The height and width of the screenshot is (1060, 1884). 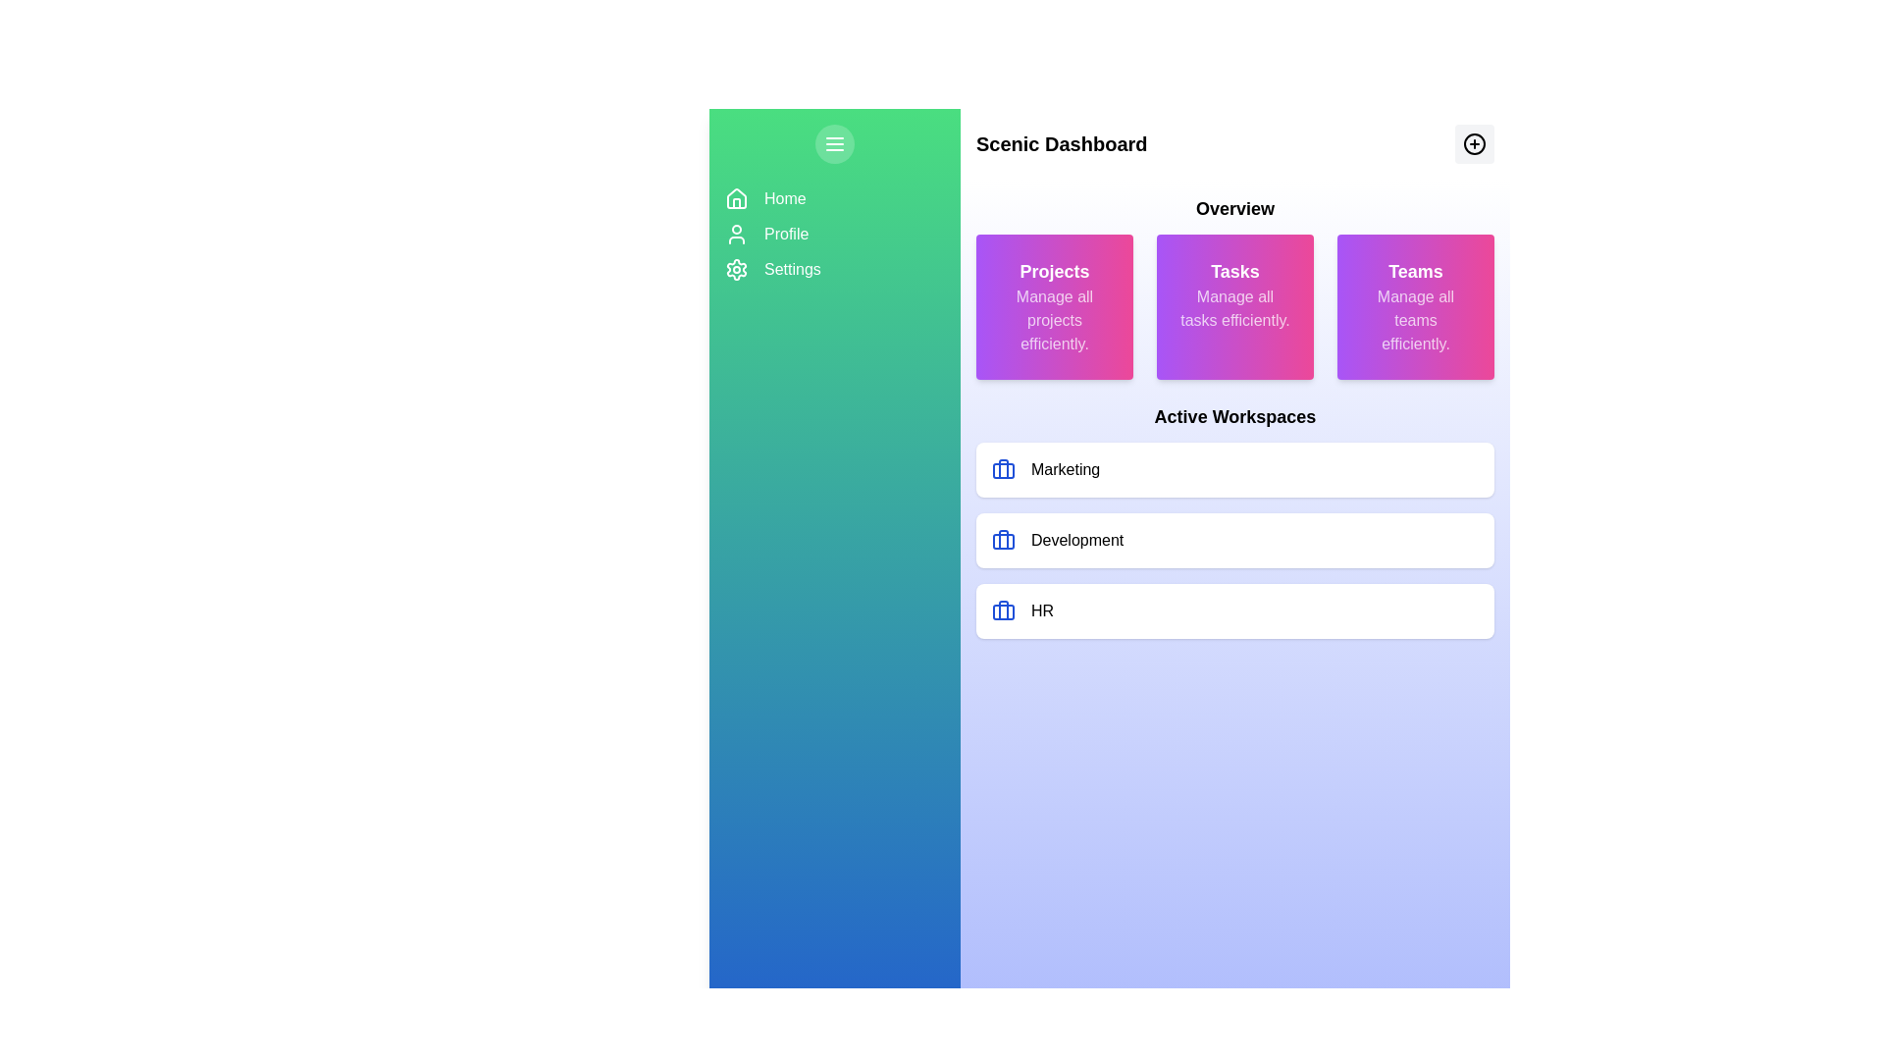 What do you see at coordinates (1041, 610) in the screenshot?
I see `the 'HR' text label, which is the third element` at bounding box center [1041, 610].